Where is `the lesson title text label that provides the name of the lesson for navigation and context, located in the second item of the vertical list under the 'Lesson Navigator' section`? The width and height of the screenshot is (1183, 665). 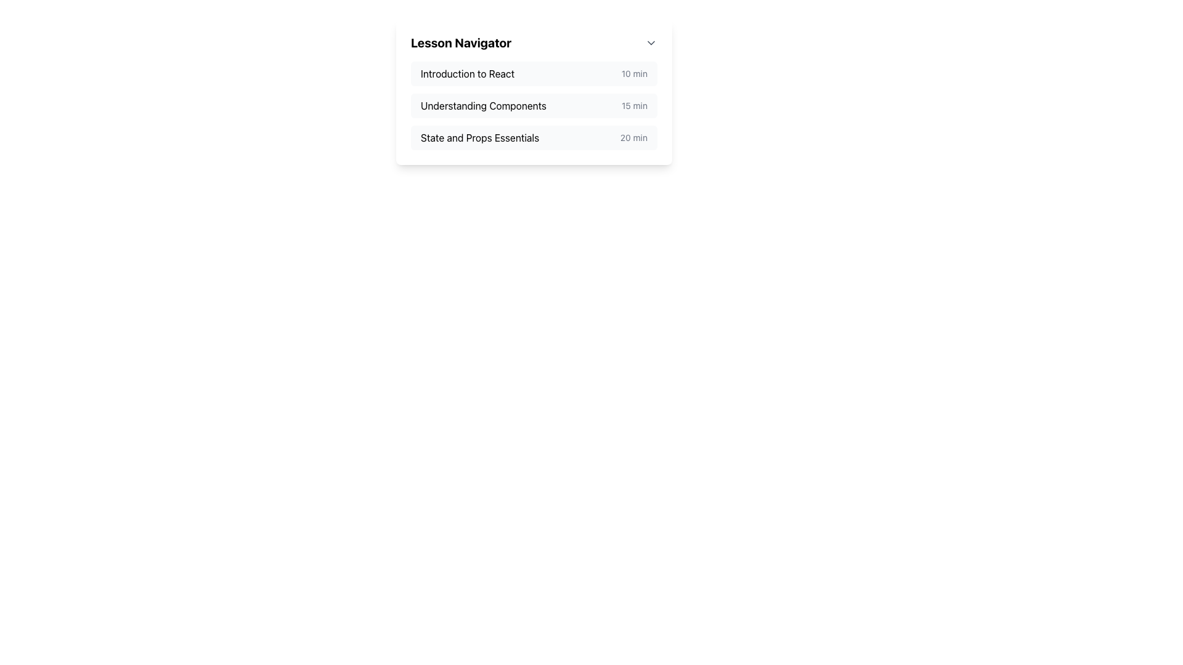
the lesson title text label that provides the name of the lesson for navigation and context, located in the second item of the vertical list under the 'Lesson Navigator' section is located at coordinates (483, 105).